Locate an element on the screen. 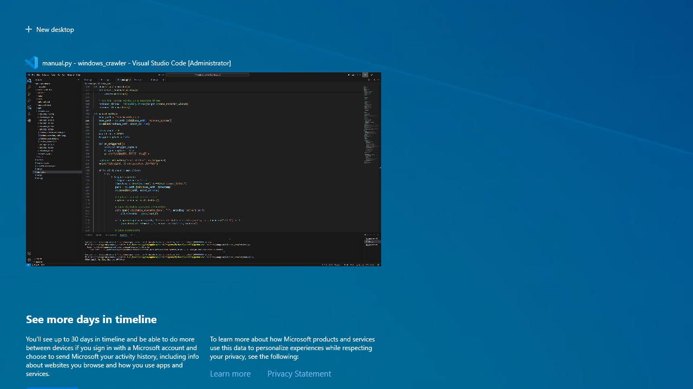 The height and width of the screenshot is (389, 693). 'Close' is located at coordinates (376, 62).